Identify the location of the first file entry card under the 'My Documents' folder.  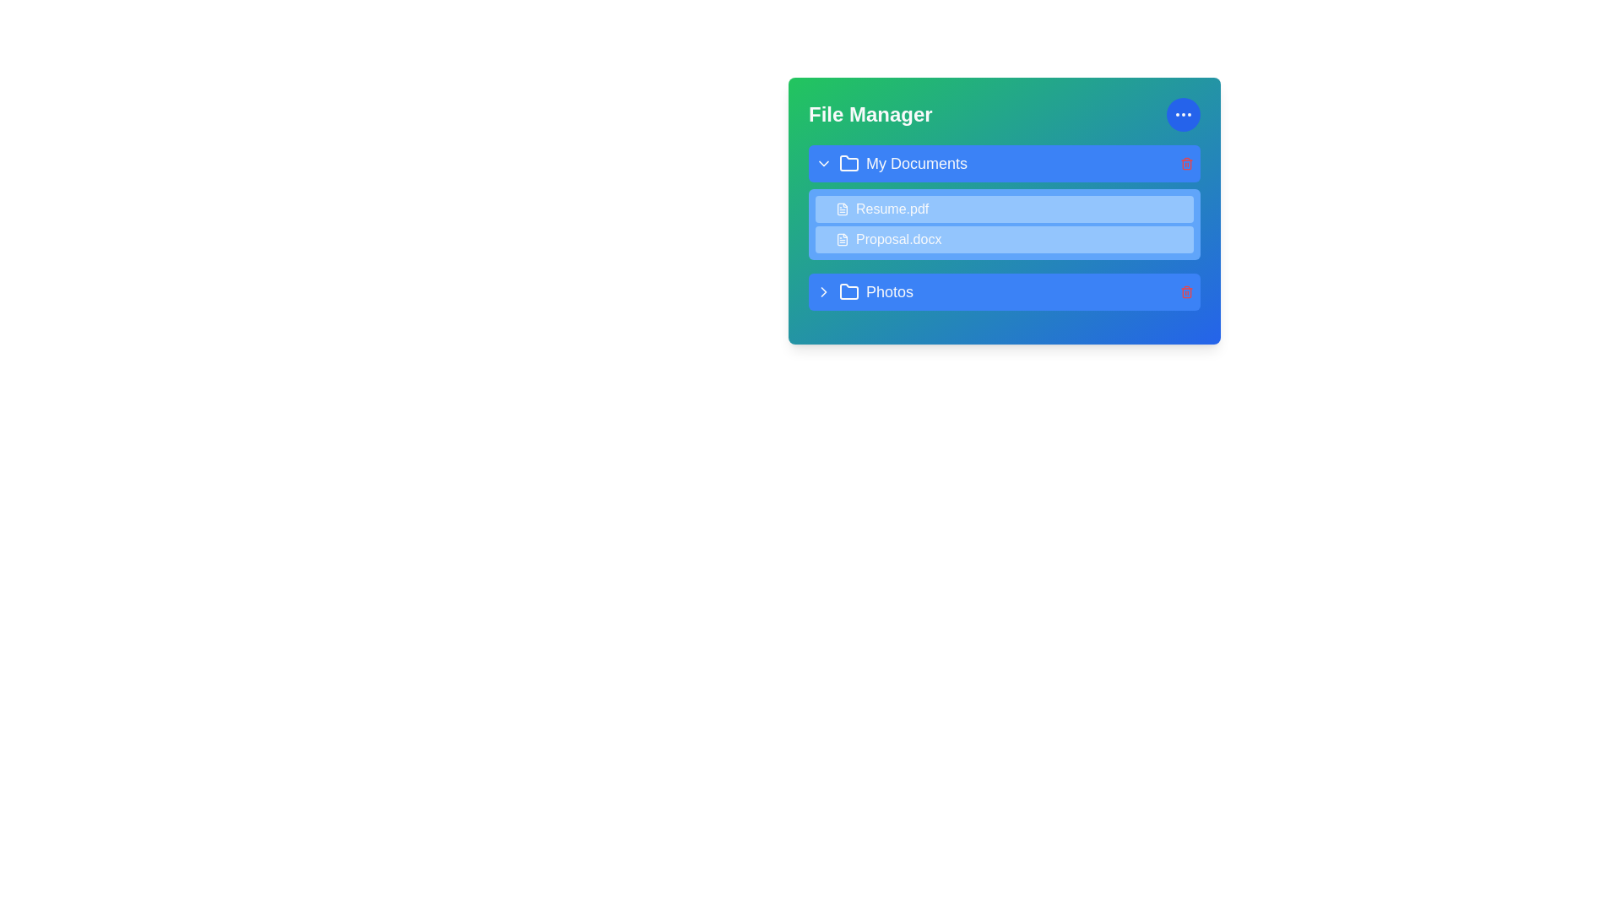
(1005, 210).